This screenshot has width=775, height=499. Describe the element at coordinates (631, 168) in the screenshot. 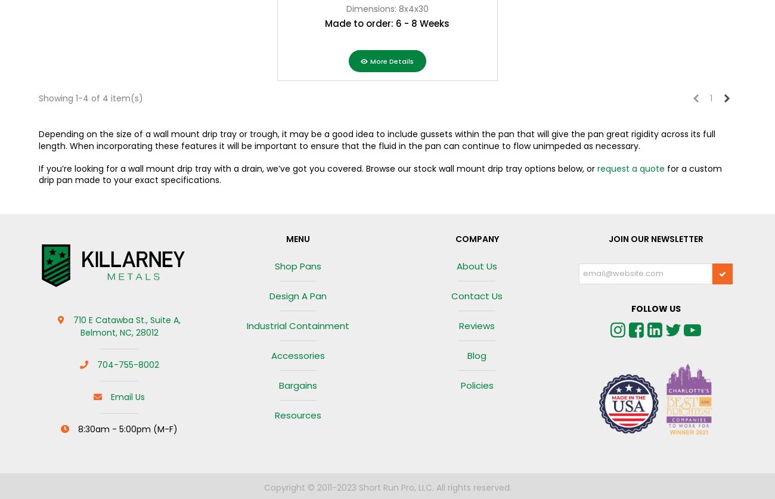

I see `'request a quote'` at that location.